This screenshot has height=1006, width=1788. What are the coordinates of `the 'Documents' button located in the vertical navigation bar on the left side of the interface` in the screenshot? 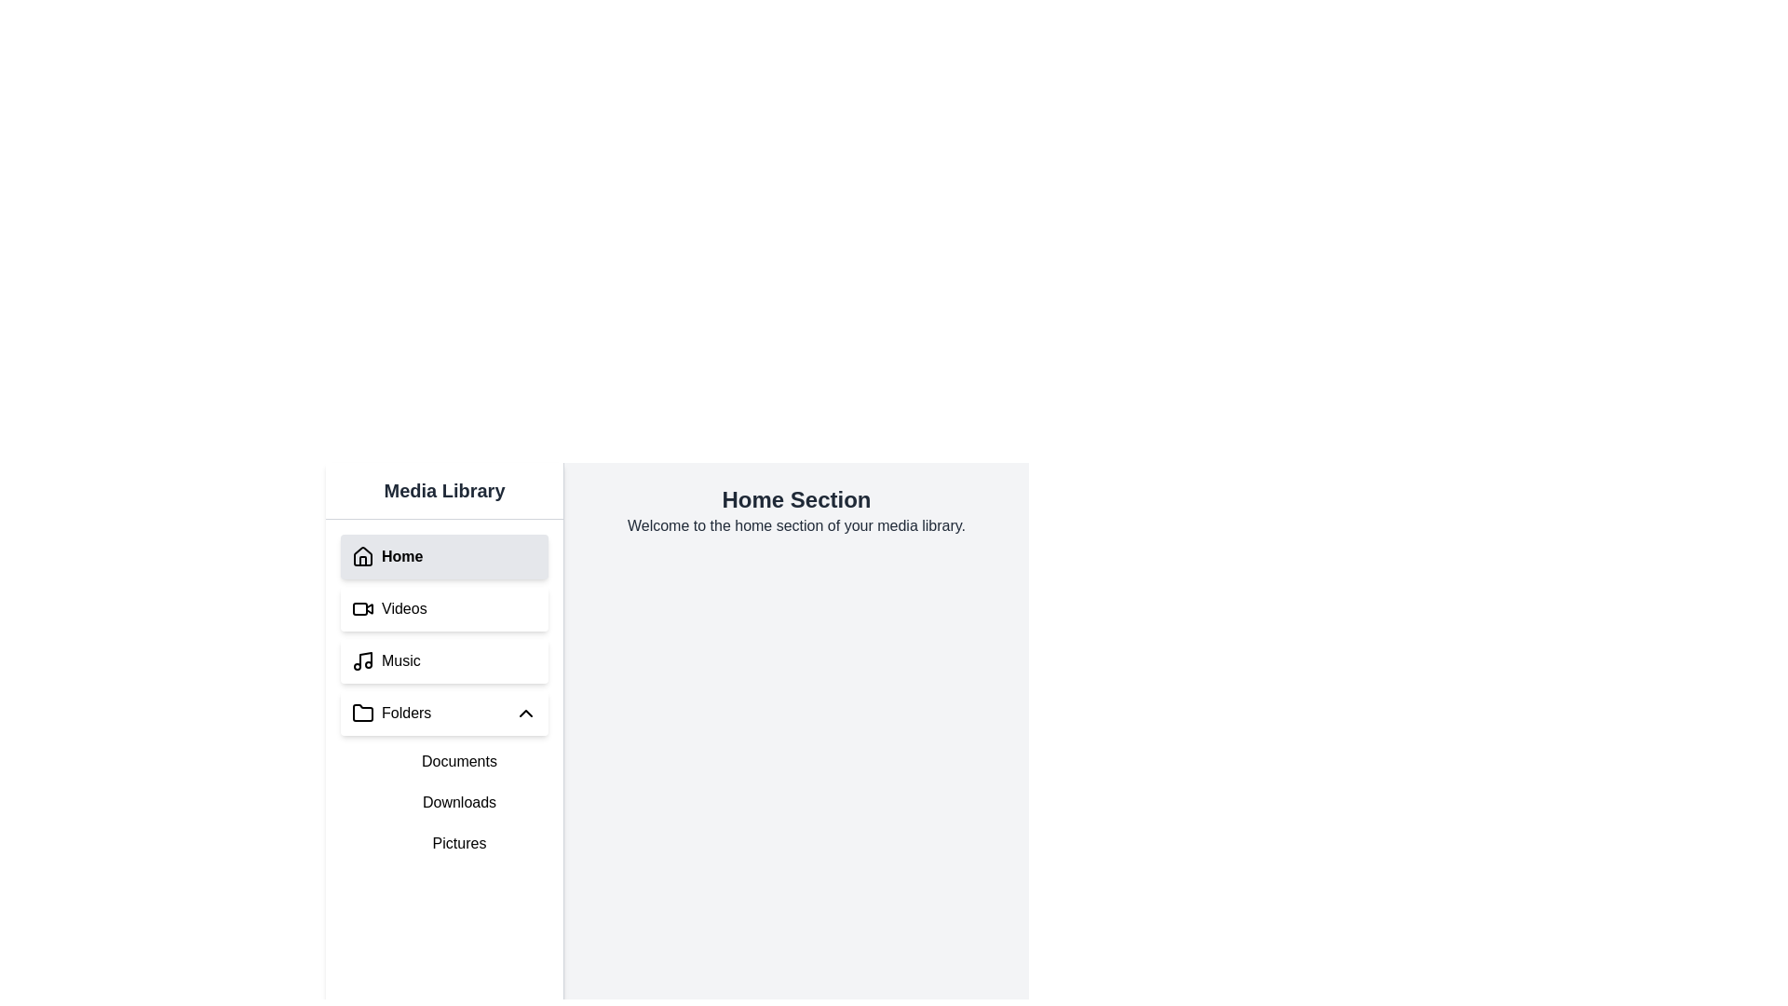 It's located at (459, 761).